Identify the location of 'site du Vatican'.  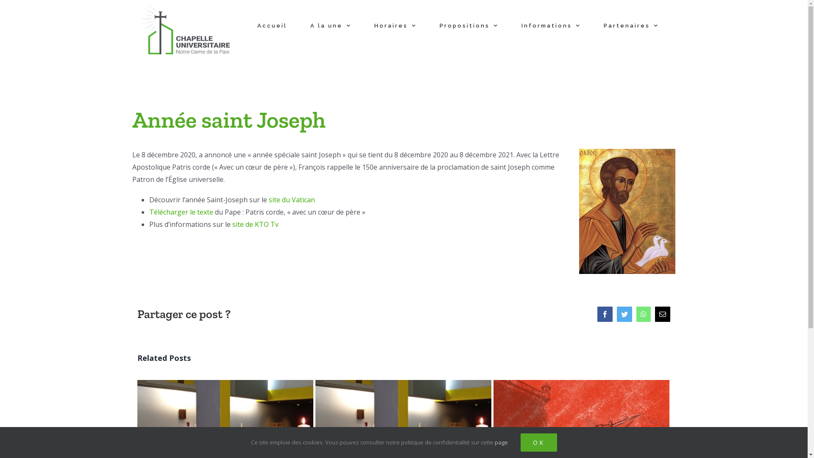
(292, 199).